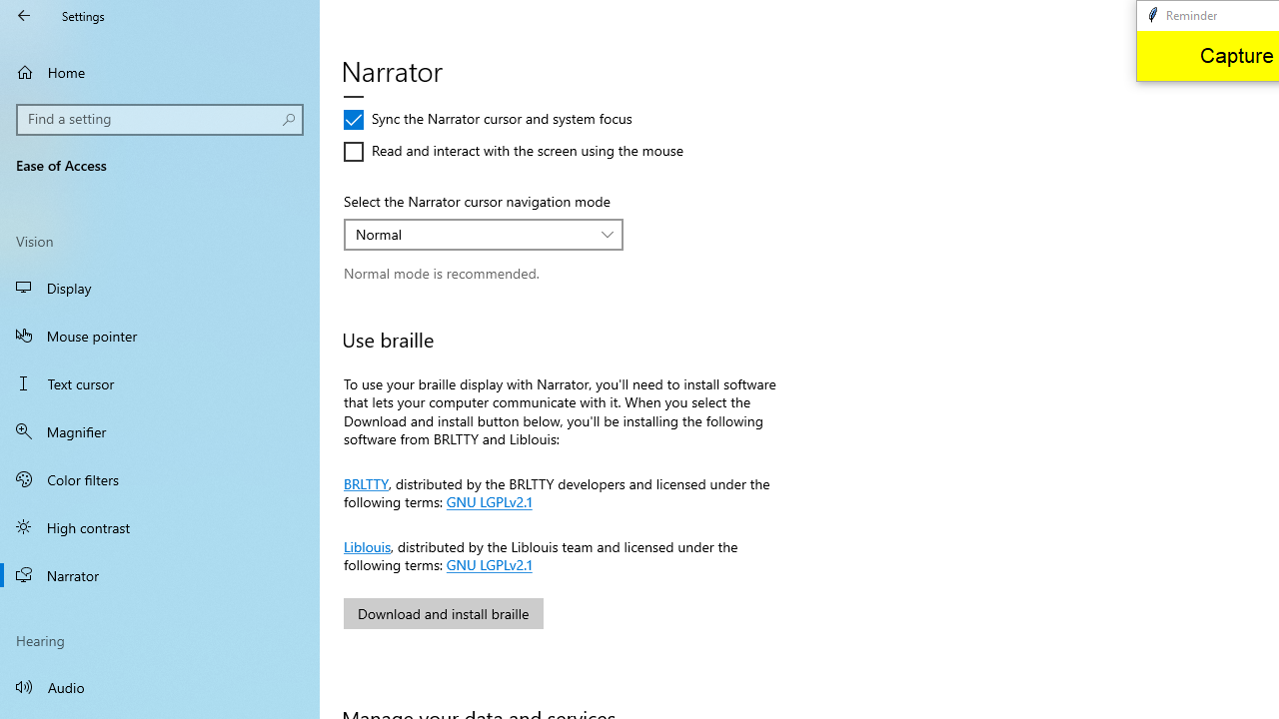  Describe the element at coordinates (443, 612) in the screenshot. I see `'Download and install braille'` at that location.